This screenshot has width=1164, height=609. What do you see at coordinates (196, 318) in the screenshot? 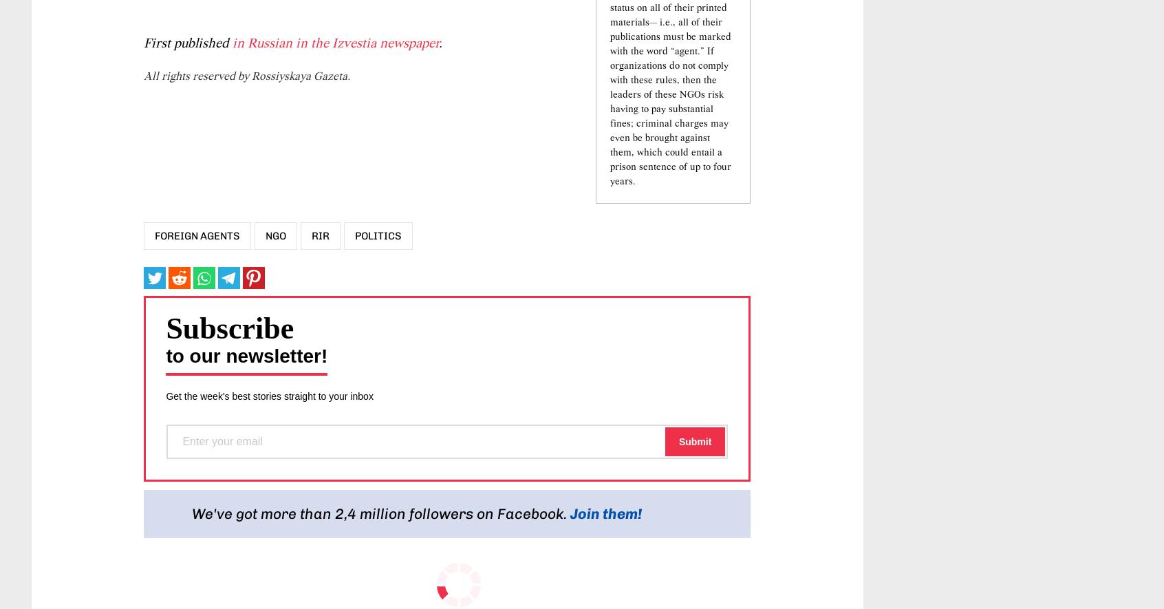
I see `'foreign agents'` at bounding box center [196, 318].